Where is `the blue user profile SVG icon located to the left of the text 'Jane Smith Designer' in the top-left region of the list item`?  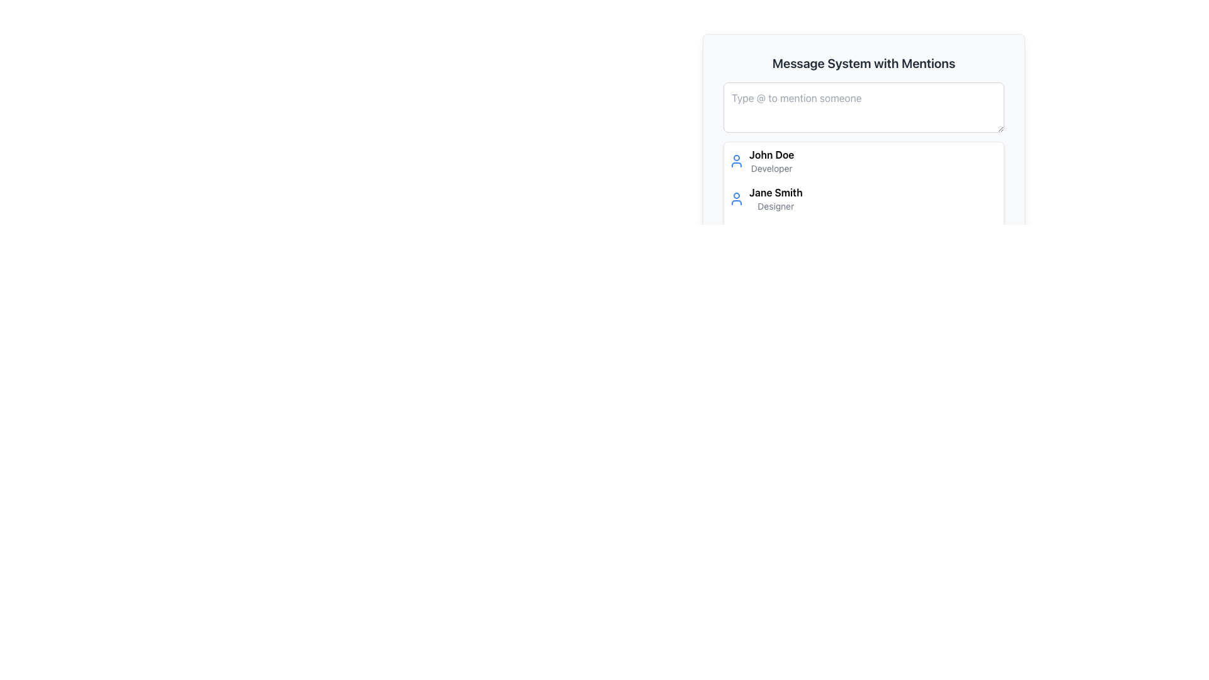
the blue user profile SVG icon located to the left of the text 'Jane Smith Designer' in the top-left region of the list item is located at coordinates (737, 198).